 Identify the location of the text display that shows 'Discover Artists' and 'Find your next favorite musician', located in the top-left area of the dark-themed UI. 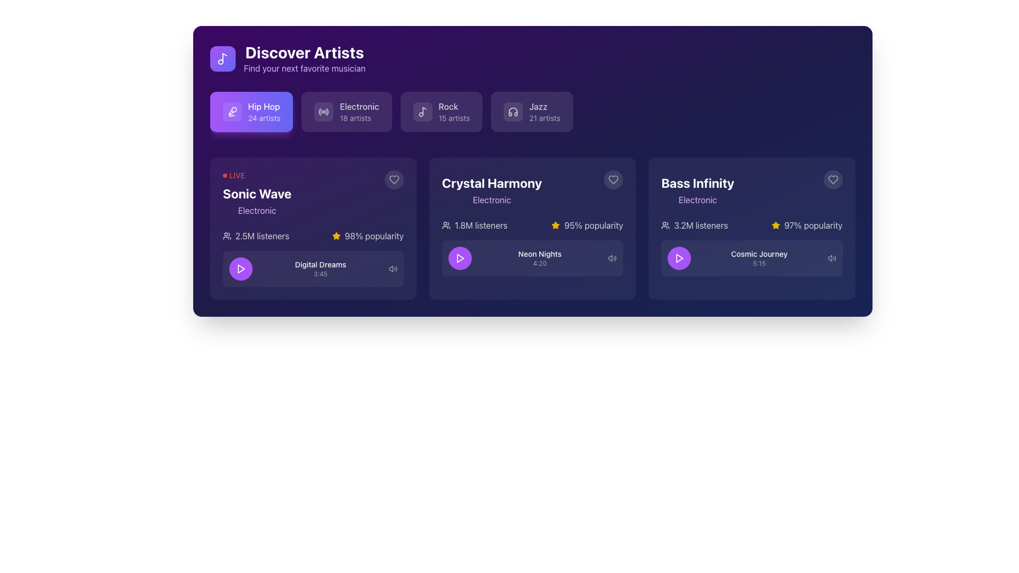
(304, 59).